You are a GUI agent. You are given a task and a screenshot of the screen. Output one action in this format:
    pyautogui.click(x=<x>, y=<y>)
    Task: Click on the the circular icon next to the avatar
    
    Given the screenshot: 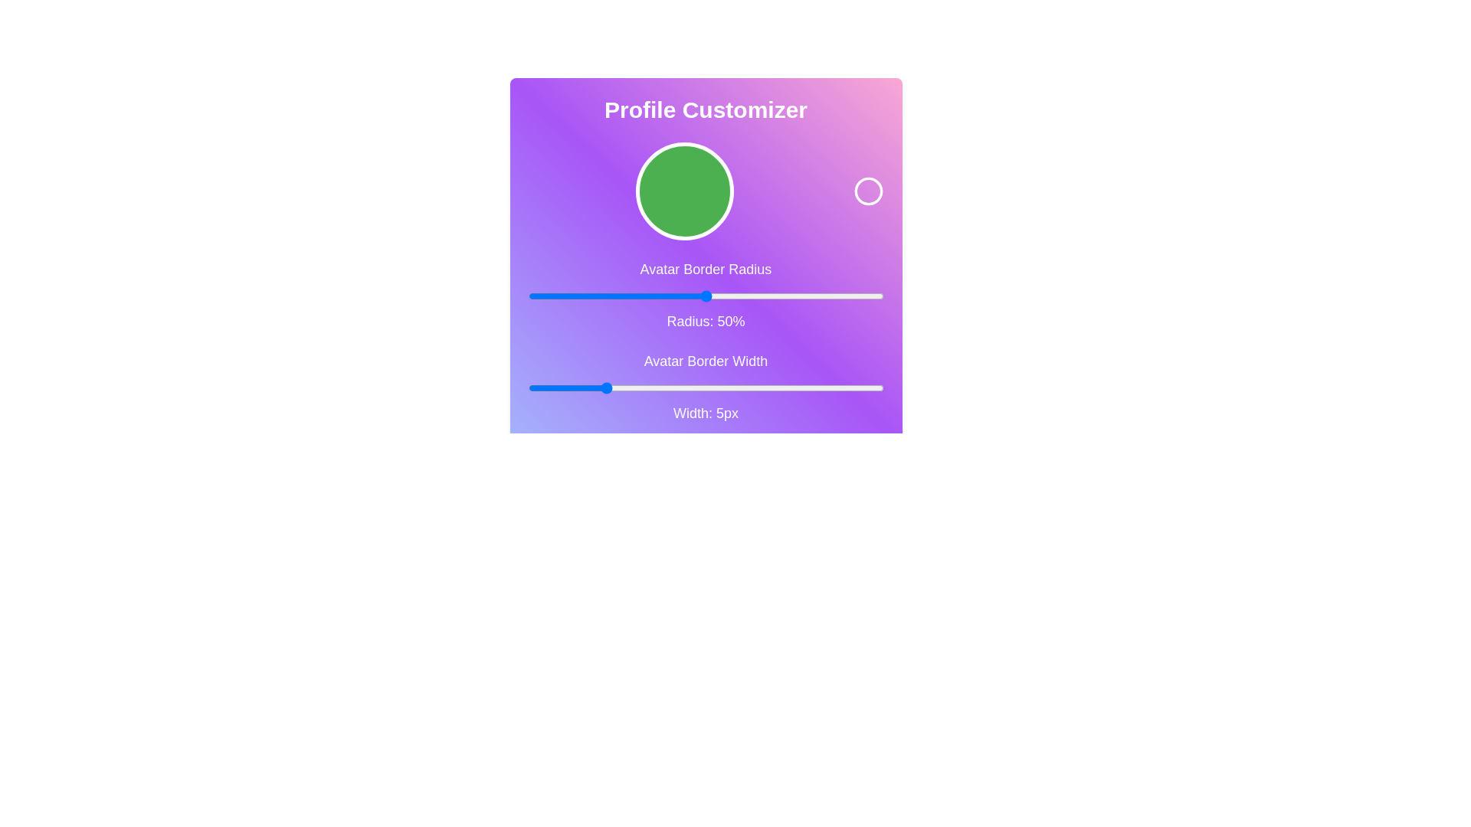 What is the action you would take?
    pyautogui.click(x=868, y=191)
    